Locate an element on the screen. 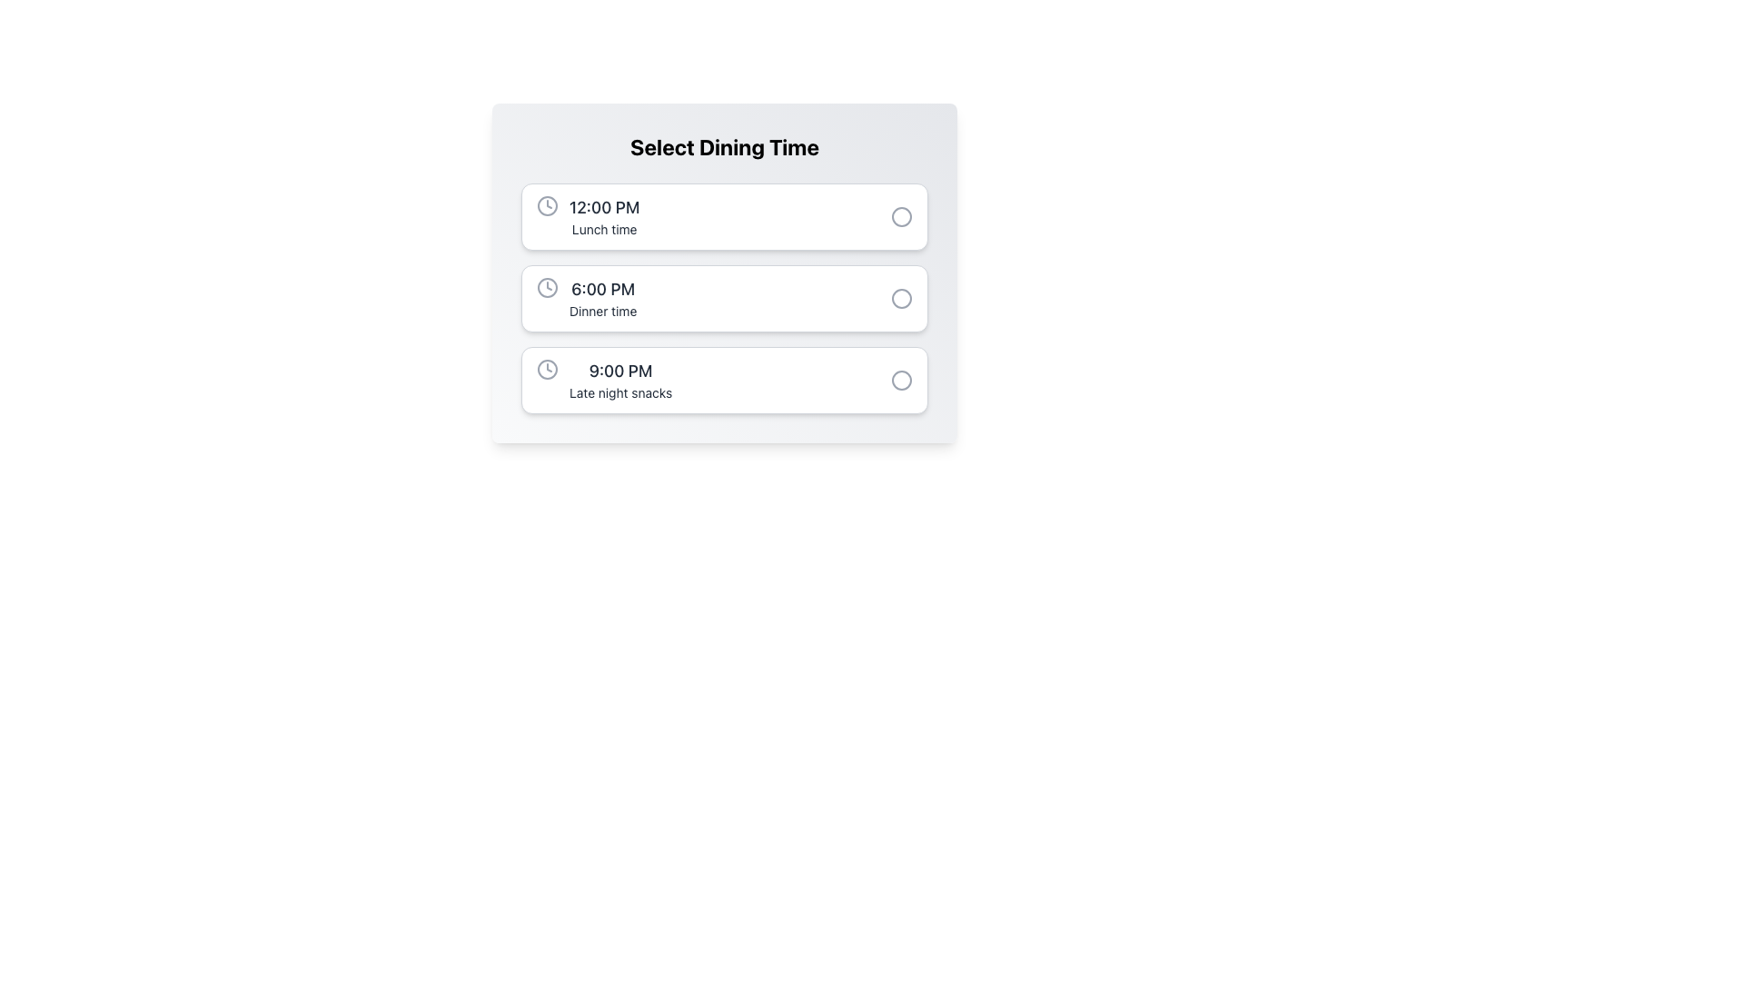  the third item in the interactive selection list labeled '9:00 PM Late night snacks' is located at coordinates (723, 380).